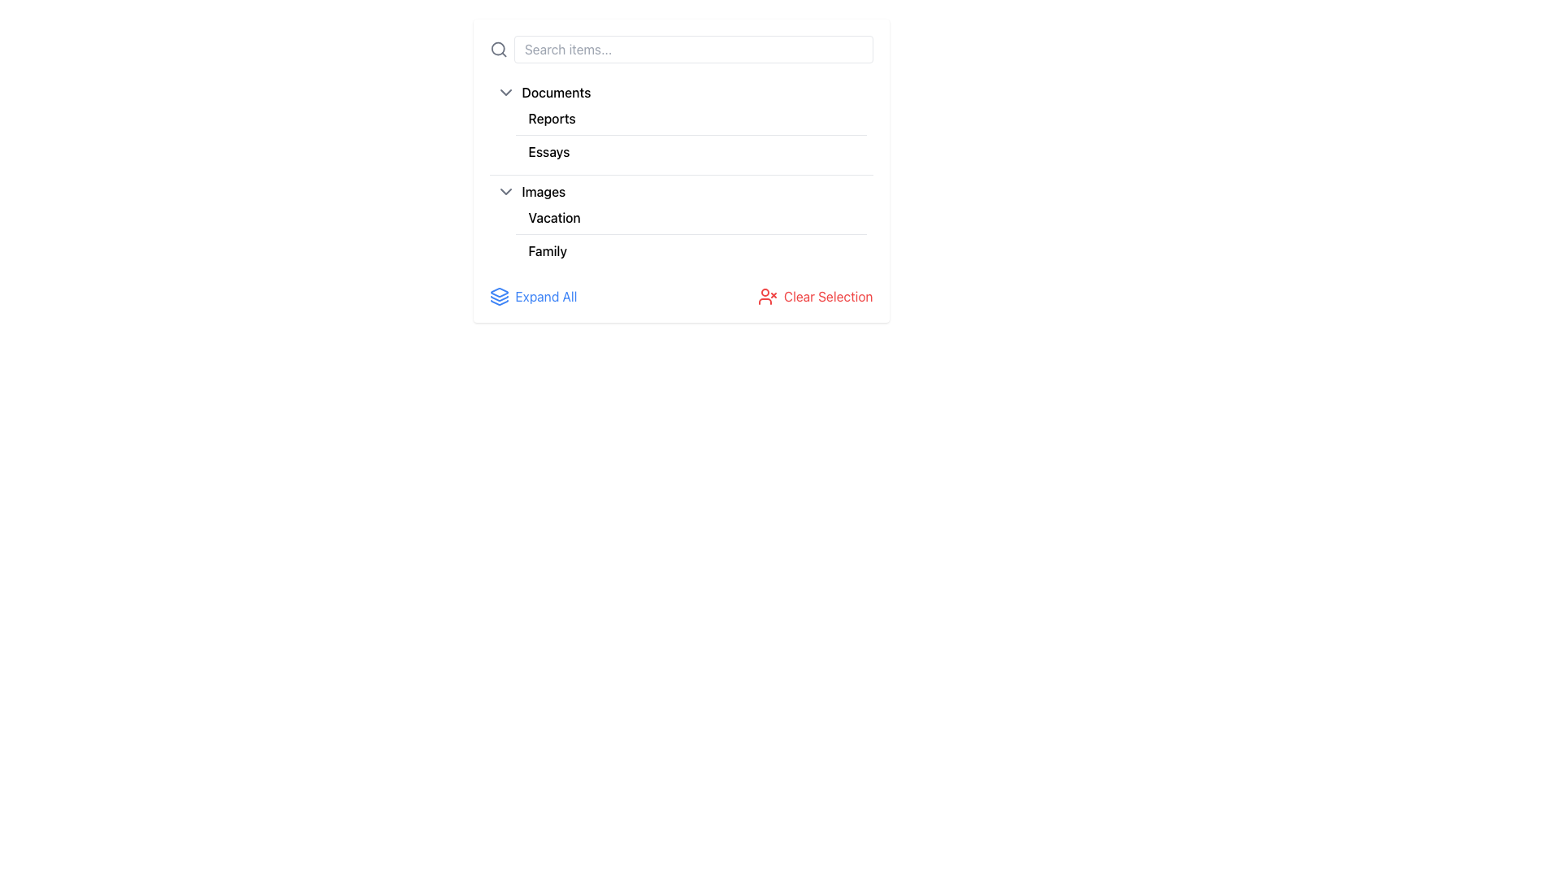 Image resolution: width=1560 pixels, height=878 pixels. What do you see at coordinates (533, 297) in the screenshot?
I see `the 'Expand All' button, which is a blue text label with a stack of layers icon, located at the bottom-left of the folder panel` at bounding box center [533, 297].